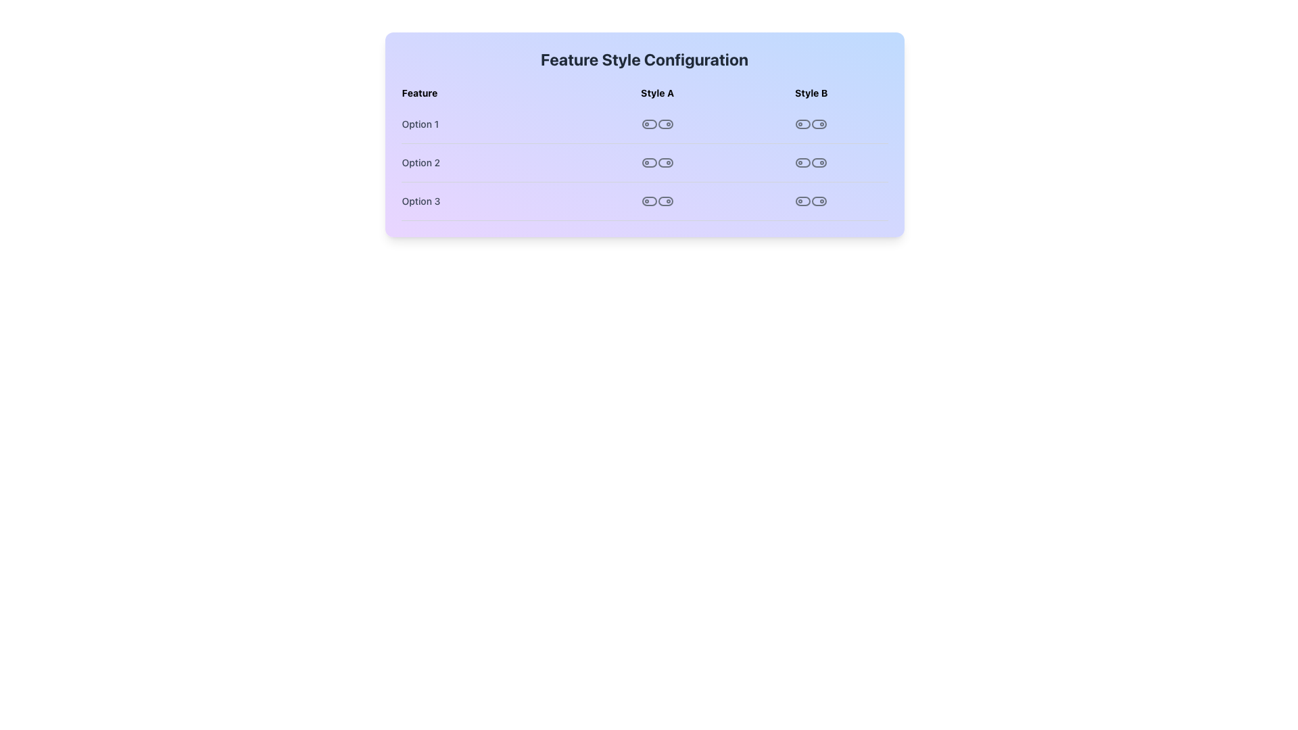 The width and height of the screenshot is (1298, 730). What do you see at coordinates (649, 201) in the screenshot?
I see `the toggle switch for 'Style A' in the 'Option 3' row of the 'Feature Style Configuration' table` at bounding box center [649, 201].